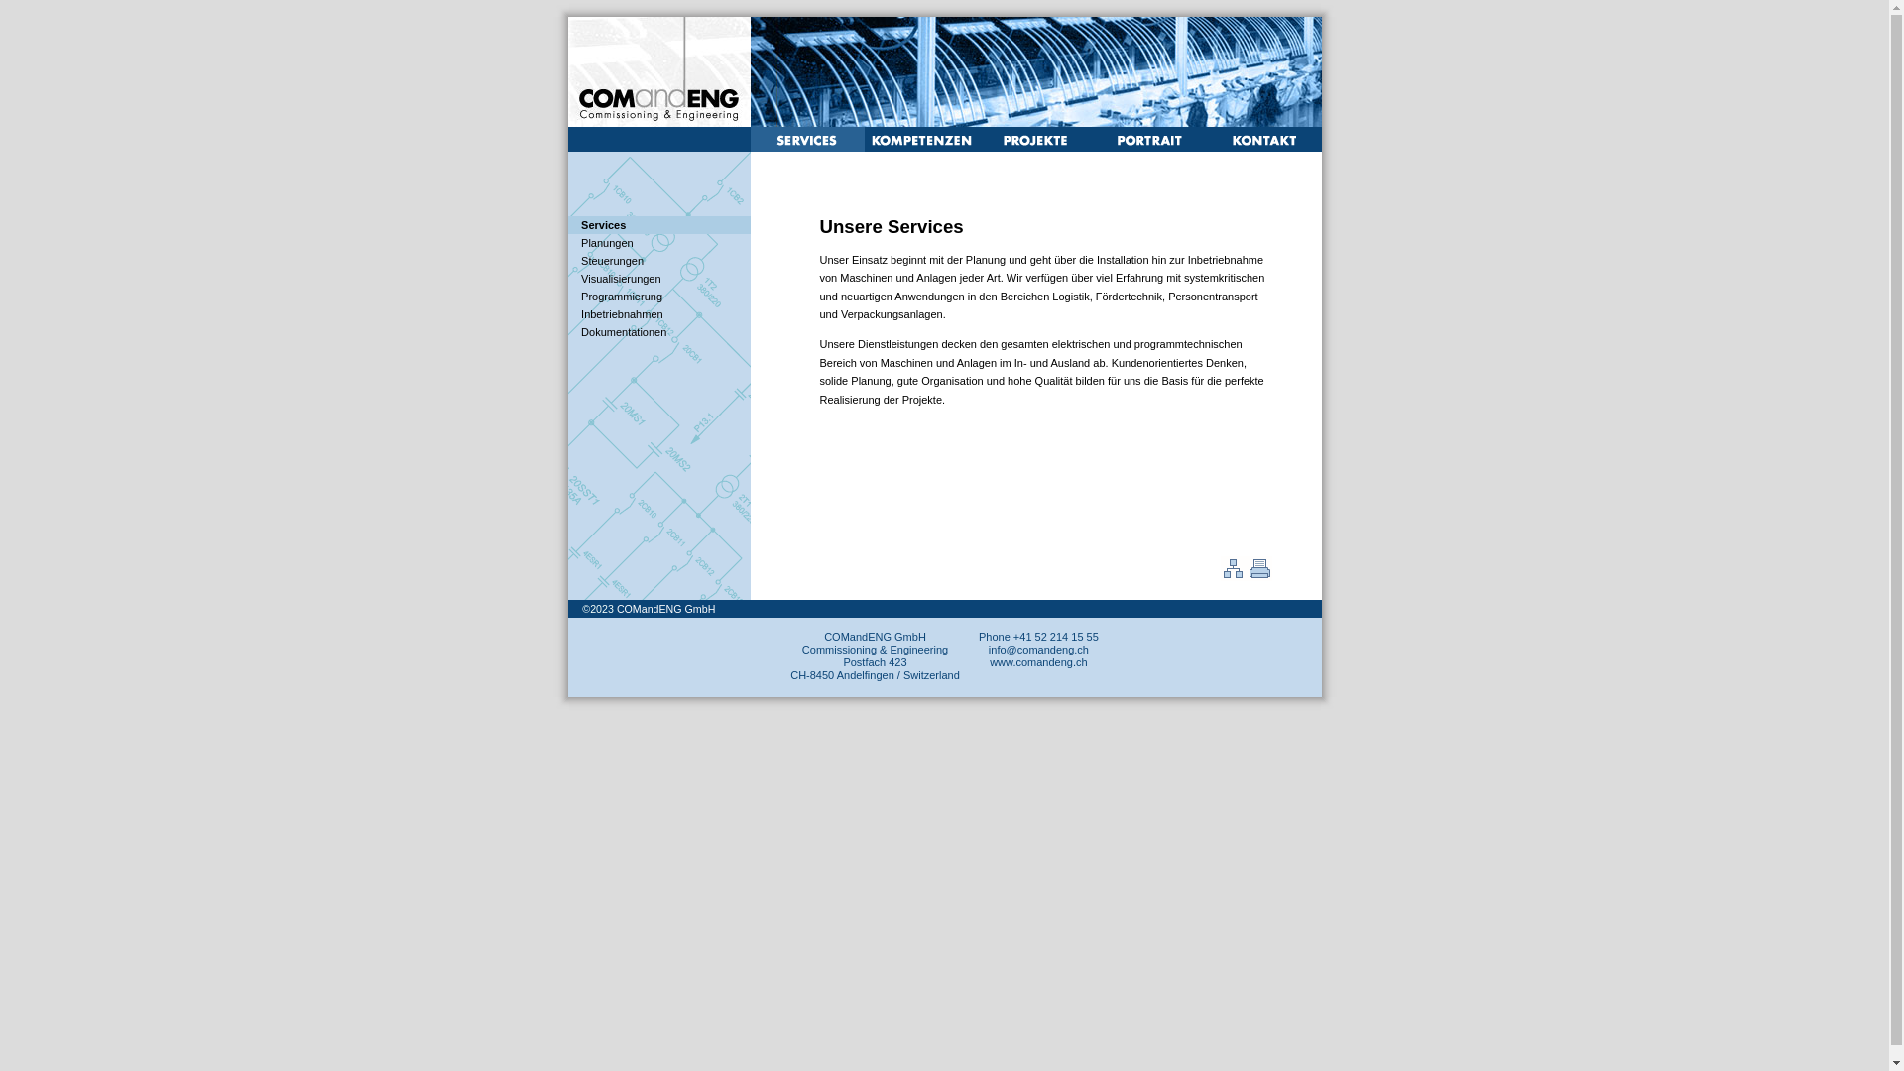  What do you see at coordinates (622, 331) in the screenshot?
I see `'Dokumentationen'` at bounding box center [622, 331].